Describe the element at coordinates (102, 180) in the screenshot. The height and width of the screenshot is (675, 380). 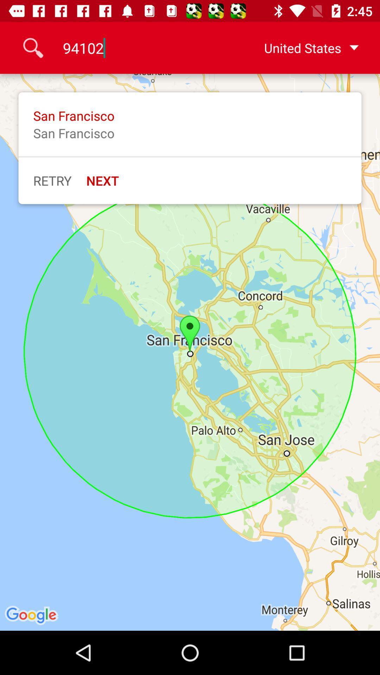
I see `the item next to the retry item` at that location.